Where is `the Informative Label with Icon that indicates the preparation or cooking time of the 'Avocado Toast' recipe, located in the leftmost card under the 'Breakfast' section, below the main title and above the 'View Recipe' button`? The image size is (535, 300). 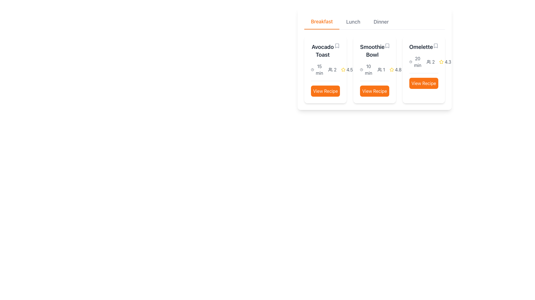 the Informative Label with Icon that indicates the preparation or cooking time of the 'Avocado Toast' recipe, located in the leftmost card under the 'Breakfast' section, below the main title and above the 'View Recipe' button is located at coordinates (317, 69).